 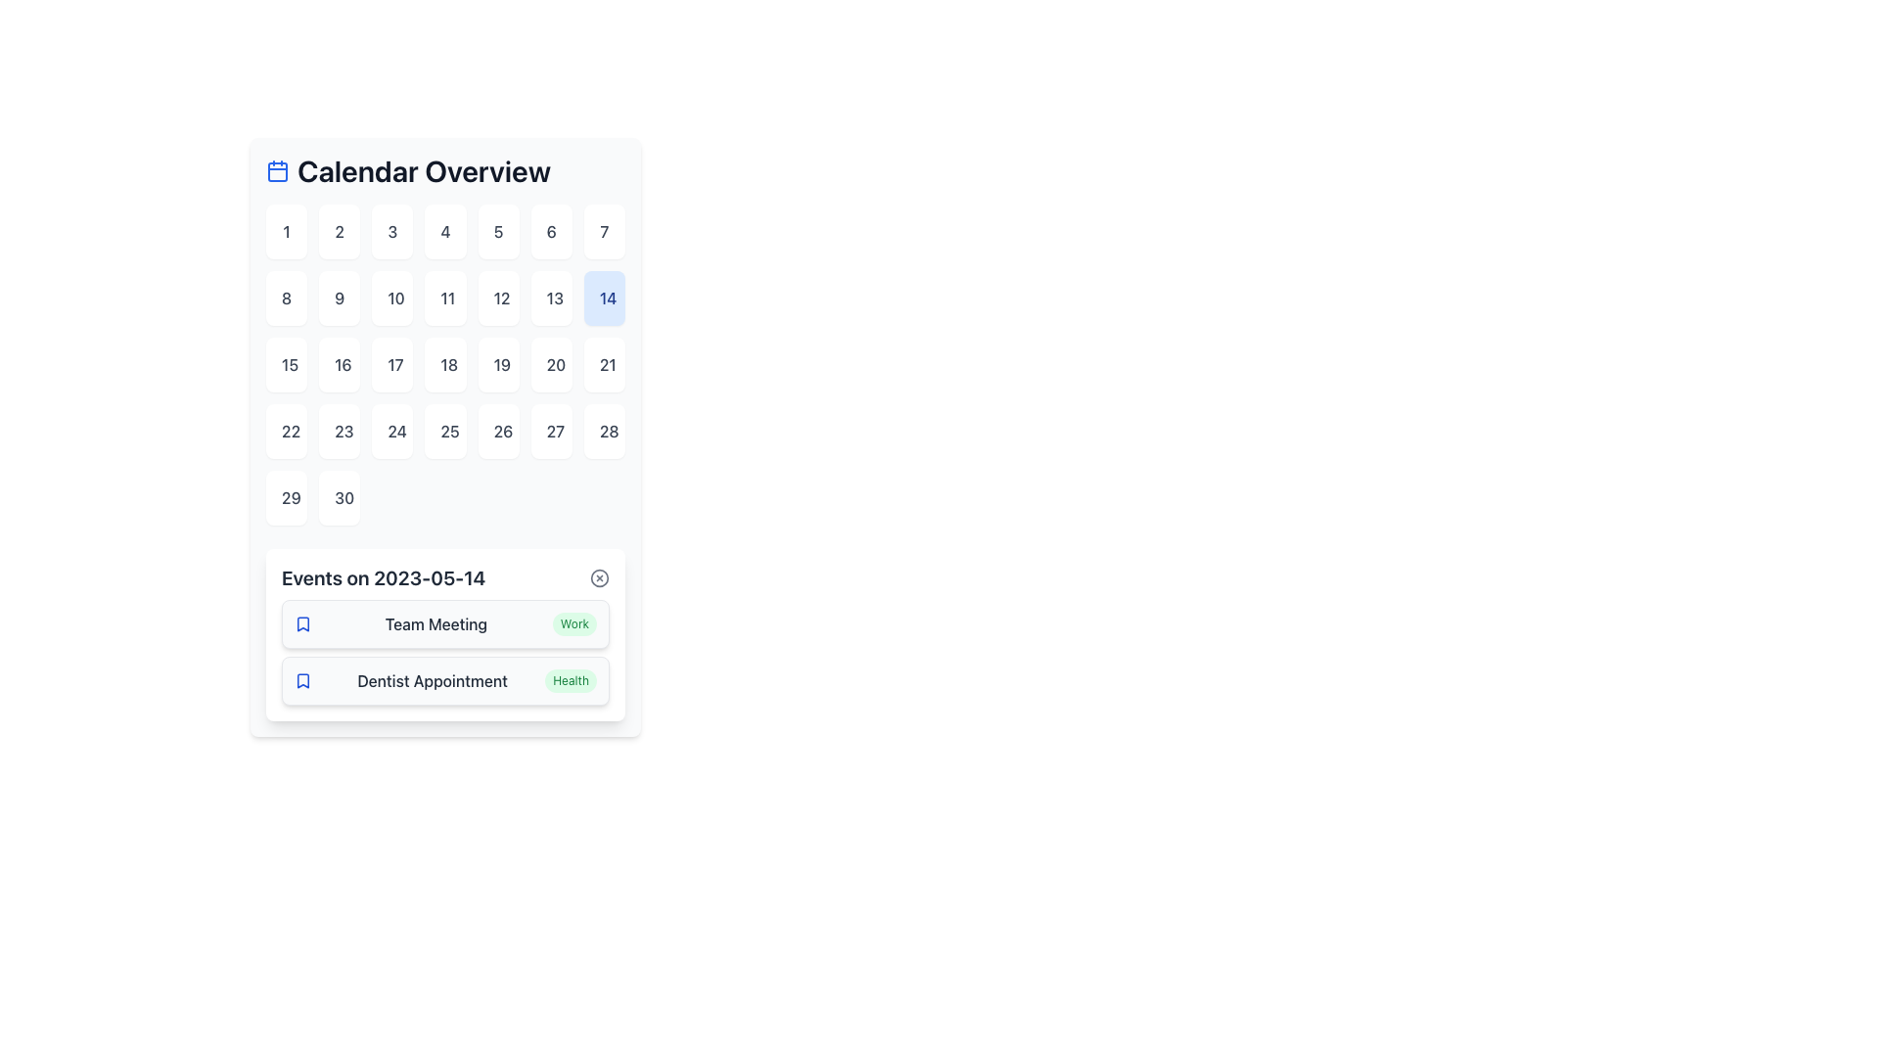 What do you see at coordinates (444, 576) in the screenshot?
I see `text displayed in the Header component that says 'Events on 2023-05-14', which is positioned at the top of the white, rounded rectangle card` at bounding box center [444, 576].